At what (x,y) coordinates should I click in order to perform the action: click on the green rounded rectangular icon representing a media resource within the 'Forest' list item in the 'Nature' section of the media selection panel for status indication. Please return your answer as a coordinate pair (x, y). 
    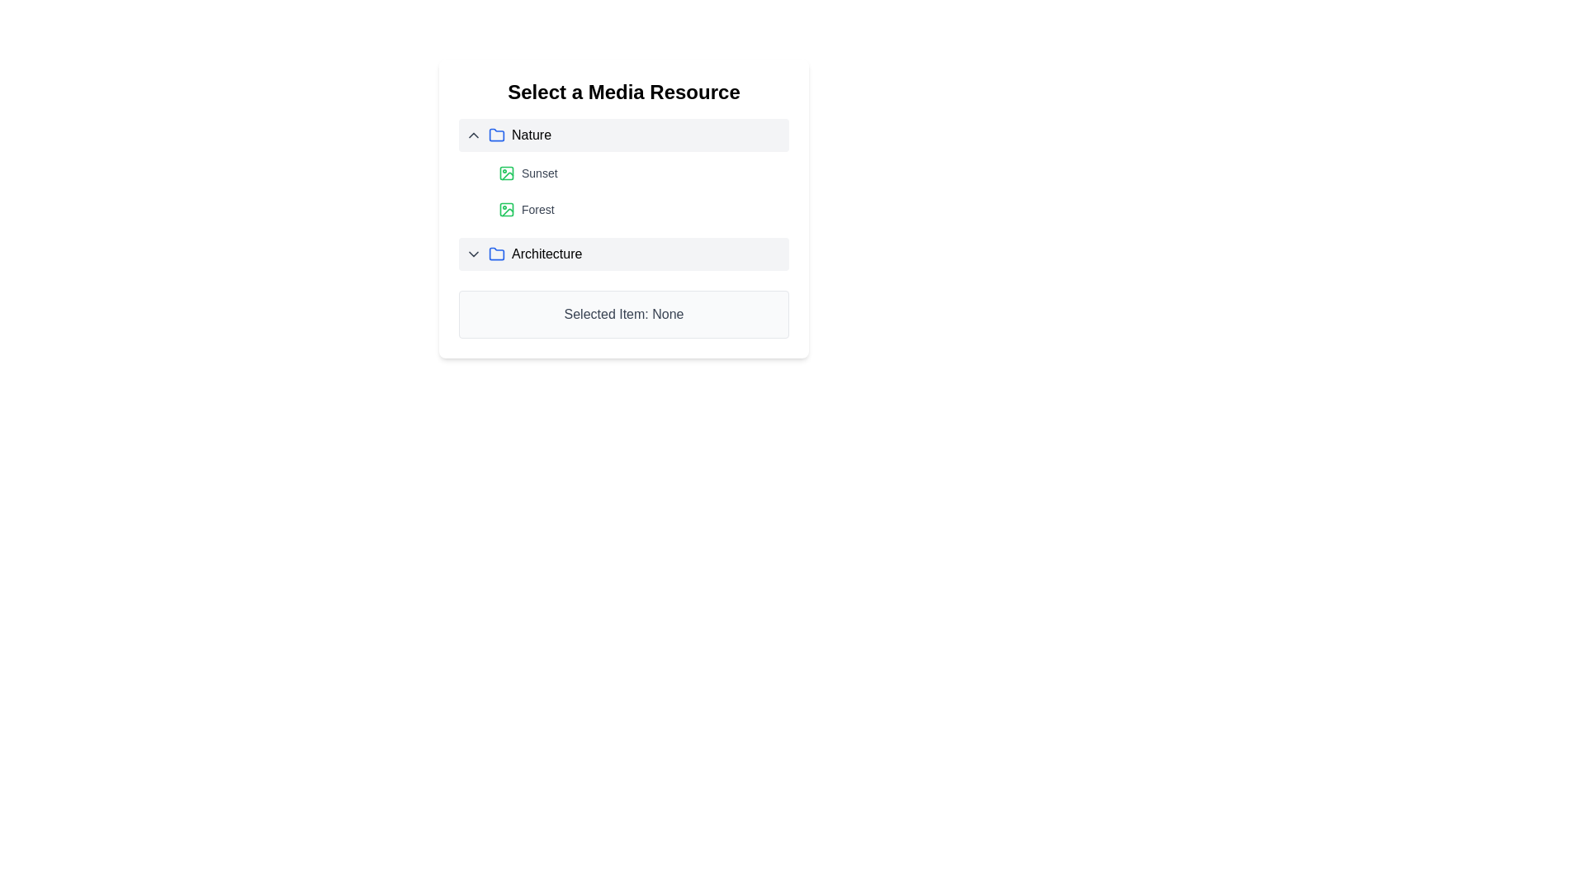
    Looking at the image, I should click on (506, 209).